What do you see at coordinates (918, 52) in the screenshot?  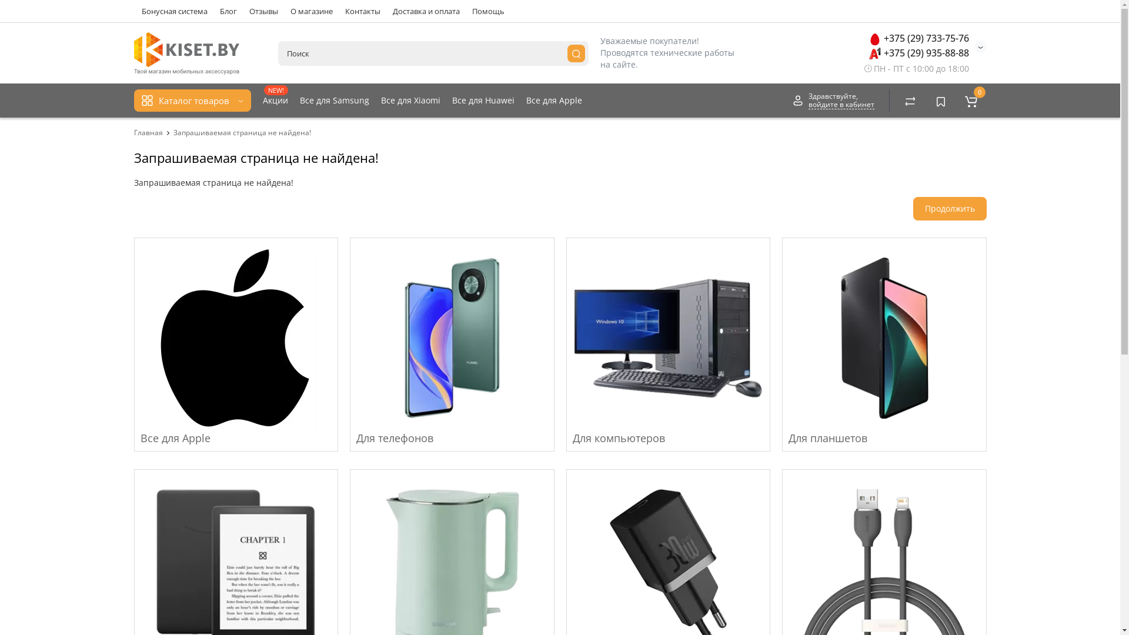 I see `'+375 (29) 935-88-88'` at bounding box center [918, 52].